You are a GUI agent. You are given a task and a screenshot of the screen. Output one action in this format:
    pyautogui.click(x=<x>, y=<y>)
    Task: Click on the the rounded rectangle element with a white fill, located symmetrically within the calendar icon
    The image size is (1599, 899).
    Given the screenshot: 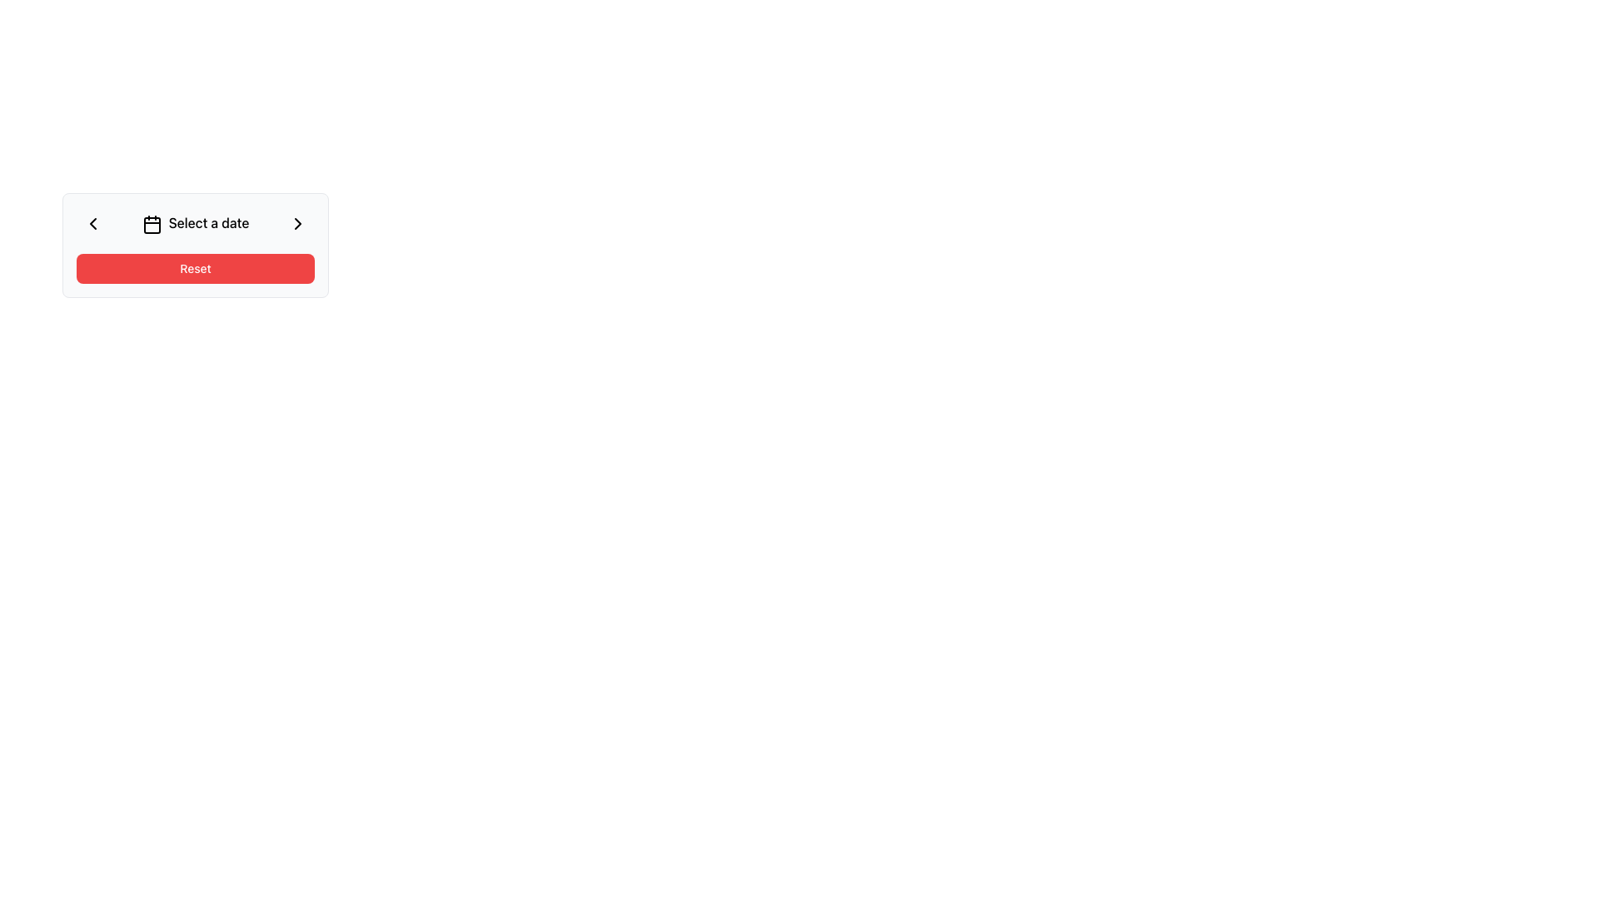 What is the action you would take?
    pyautogui.click(x=152, y=225)
    